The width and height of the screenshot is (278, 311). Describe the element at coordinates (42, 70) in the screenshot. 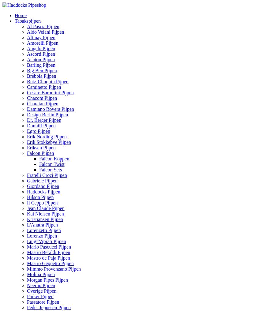

I see `'Big Ben Pijpen'` at that location.